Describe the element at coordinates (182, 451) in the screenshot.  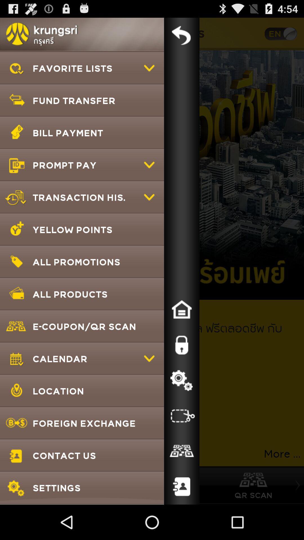
I see `qr code` at that location.